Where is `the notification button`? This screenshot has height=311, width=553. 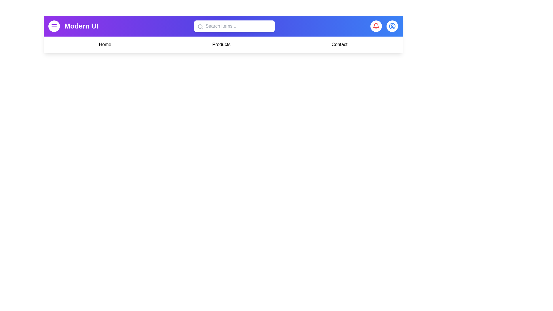
the notification button is located at coordinates (376, 26).